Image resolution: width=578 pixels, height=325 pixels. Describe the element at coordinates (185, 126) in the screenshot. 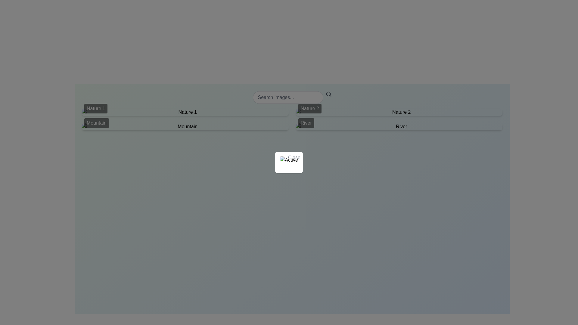

I see `the option labeled 'Mountain' in the selection grid` at that location.